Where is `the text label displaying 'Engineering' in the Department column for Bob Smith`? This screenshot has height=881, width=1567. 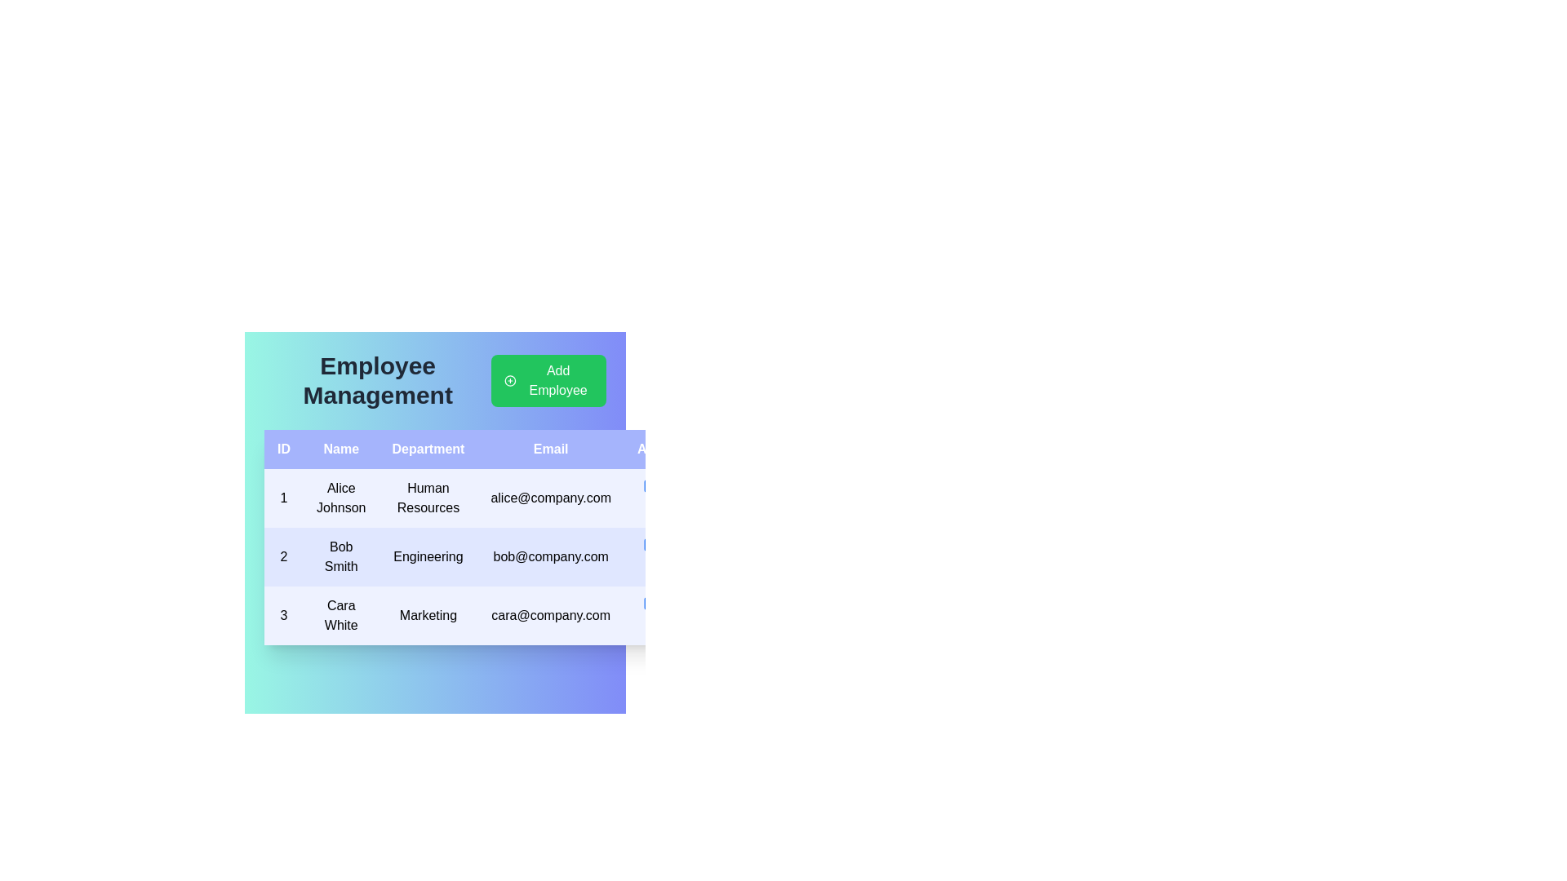 the text label displaying 'Engineering' in the Department column for Bob Smith is located at coordinates (428, 556).